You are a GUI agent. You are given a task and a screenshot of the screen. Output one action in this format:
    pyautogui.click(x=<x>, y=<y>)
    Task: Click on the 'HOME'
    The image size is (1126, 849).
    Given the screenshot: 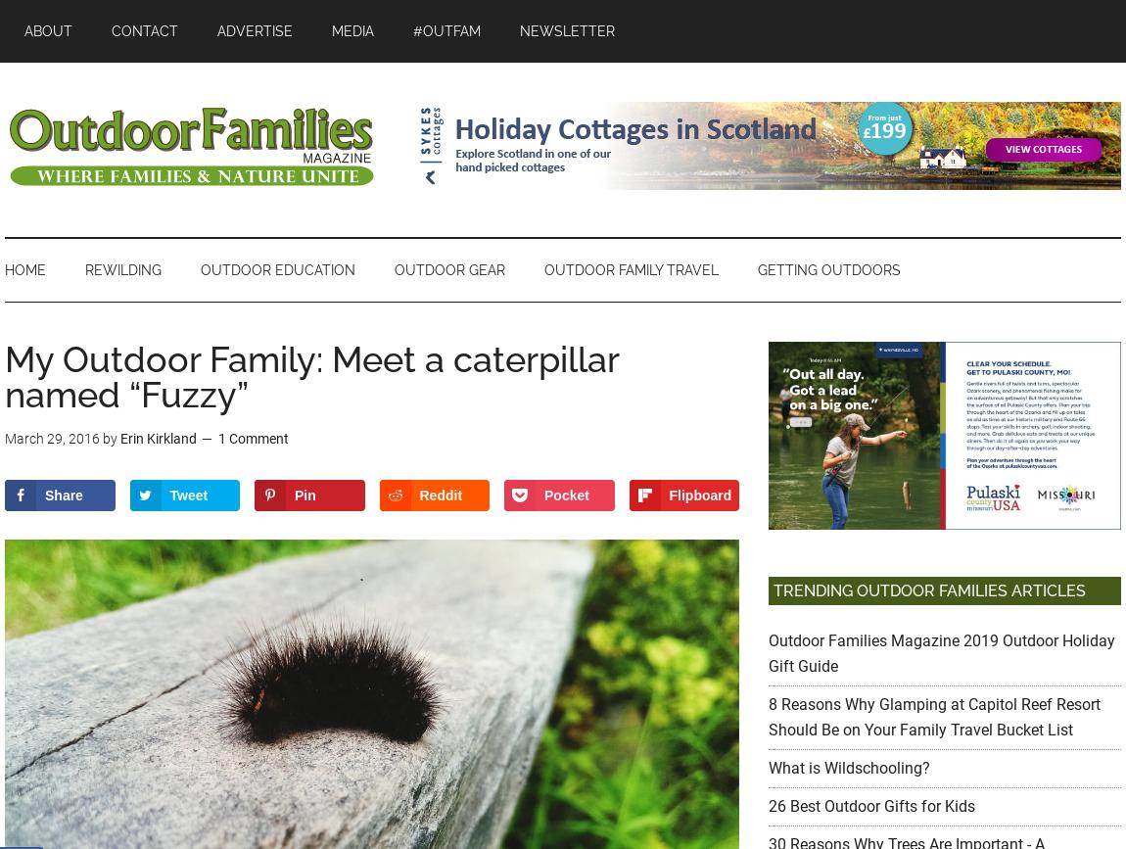 What is the action you would take?
    pyautogui.click(x=23, y=269)
    